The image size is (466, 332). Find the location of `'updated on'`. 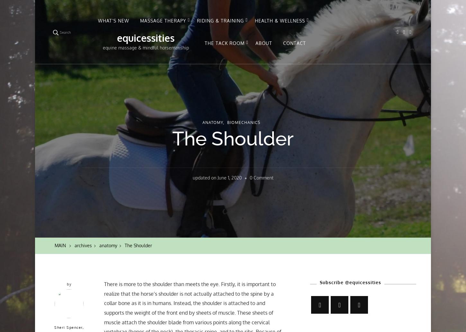

'updated on' is located at coordinates (204, 178).